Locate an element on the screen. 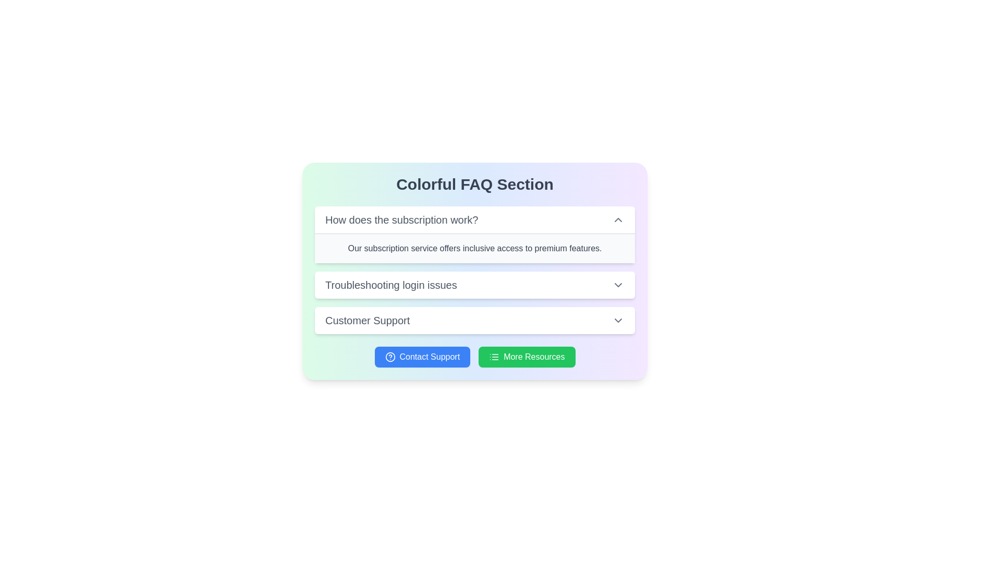 The width and height of the screenshot is (1001, 563). the Expandable panel located below the 'Colorful FAQ Section' title and above the 'Contact Support' and 'More Resources' buttons is located at coordinates (474, 271).